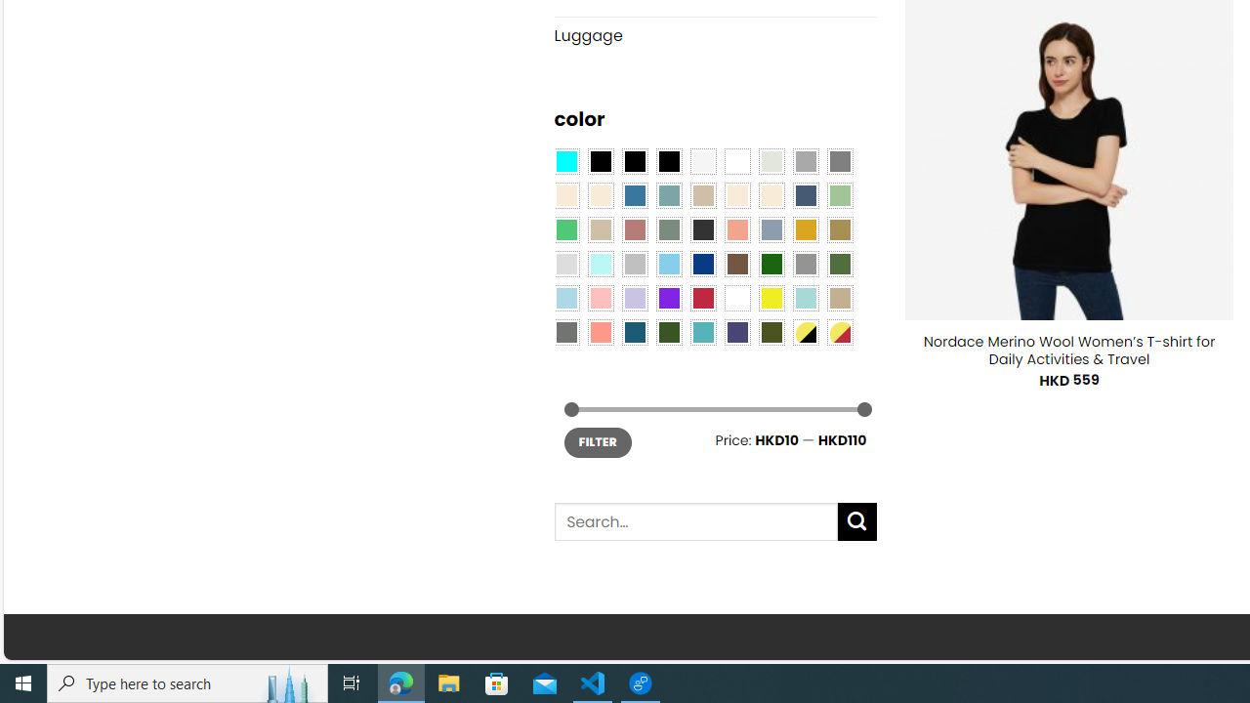 This screenshot has height=703, width=1250. I want to click on 'Black-Brown', so click(668, 159).